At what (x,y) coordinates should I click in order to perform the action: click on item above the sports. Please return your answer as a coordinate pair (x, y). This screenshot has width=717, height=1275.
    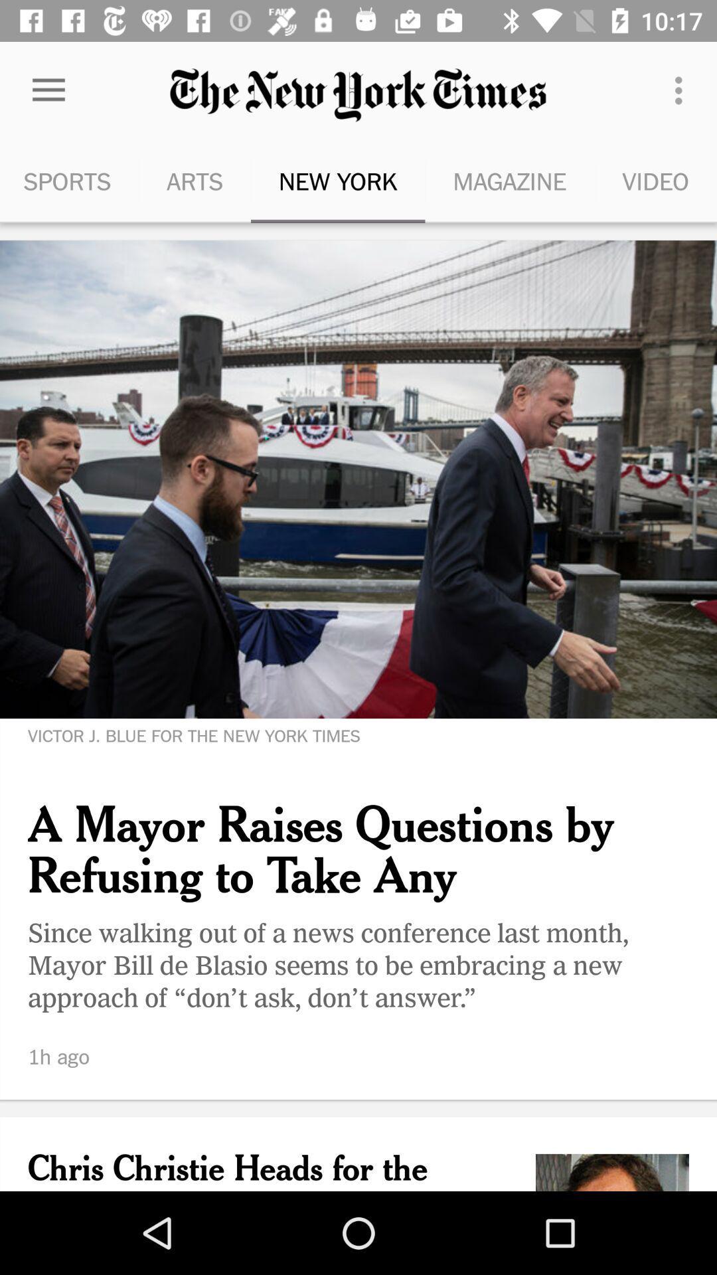
    Looking at the image, I should click on (48, 90).